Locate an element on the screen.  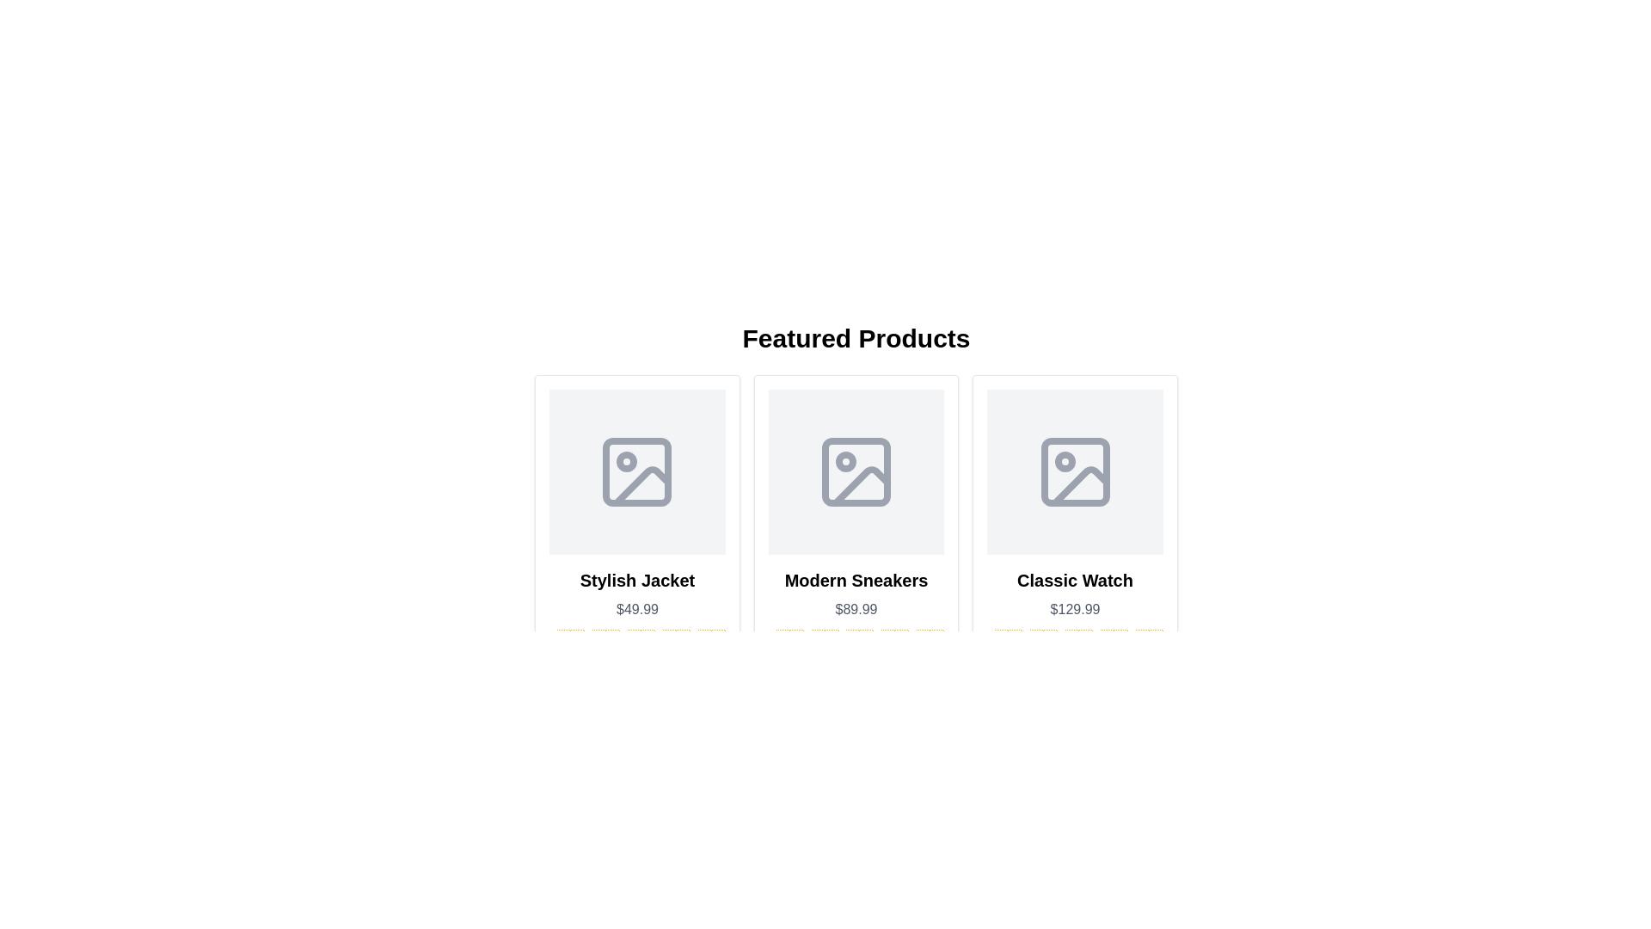
the square Image Placeholder with a light gray background and a picture frame icon, located in the upper half of the 'Modern Sneakers' product card is located at coordinates (856, 471).